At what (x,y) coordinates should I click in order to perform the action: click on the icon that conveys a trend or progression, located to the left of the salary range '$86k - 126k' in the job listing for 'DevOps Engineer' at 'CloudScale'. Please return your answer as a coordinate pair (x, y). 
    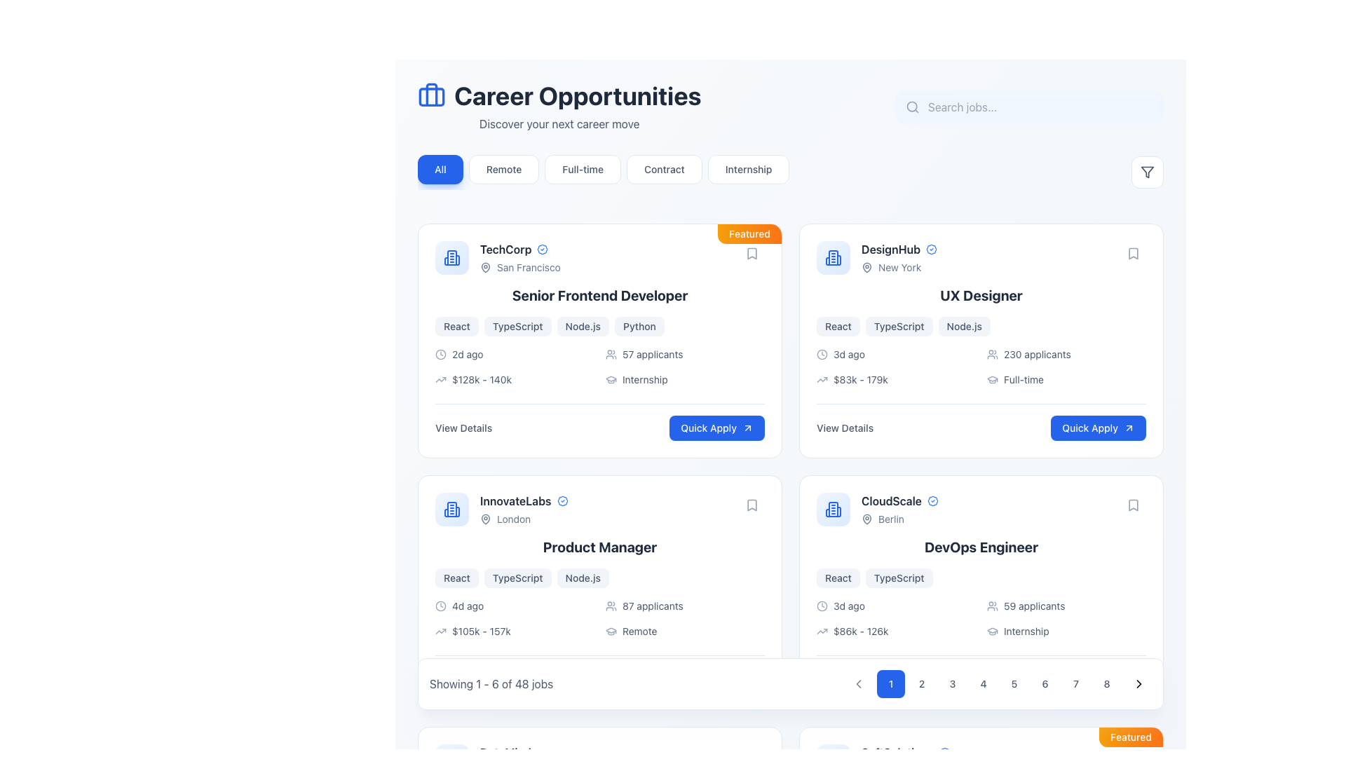
    Looking at the image, I should click on (822, 632).